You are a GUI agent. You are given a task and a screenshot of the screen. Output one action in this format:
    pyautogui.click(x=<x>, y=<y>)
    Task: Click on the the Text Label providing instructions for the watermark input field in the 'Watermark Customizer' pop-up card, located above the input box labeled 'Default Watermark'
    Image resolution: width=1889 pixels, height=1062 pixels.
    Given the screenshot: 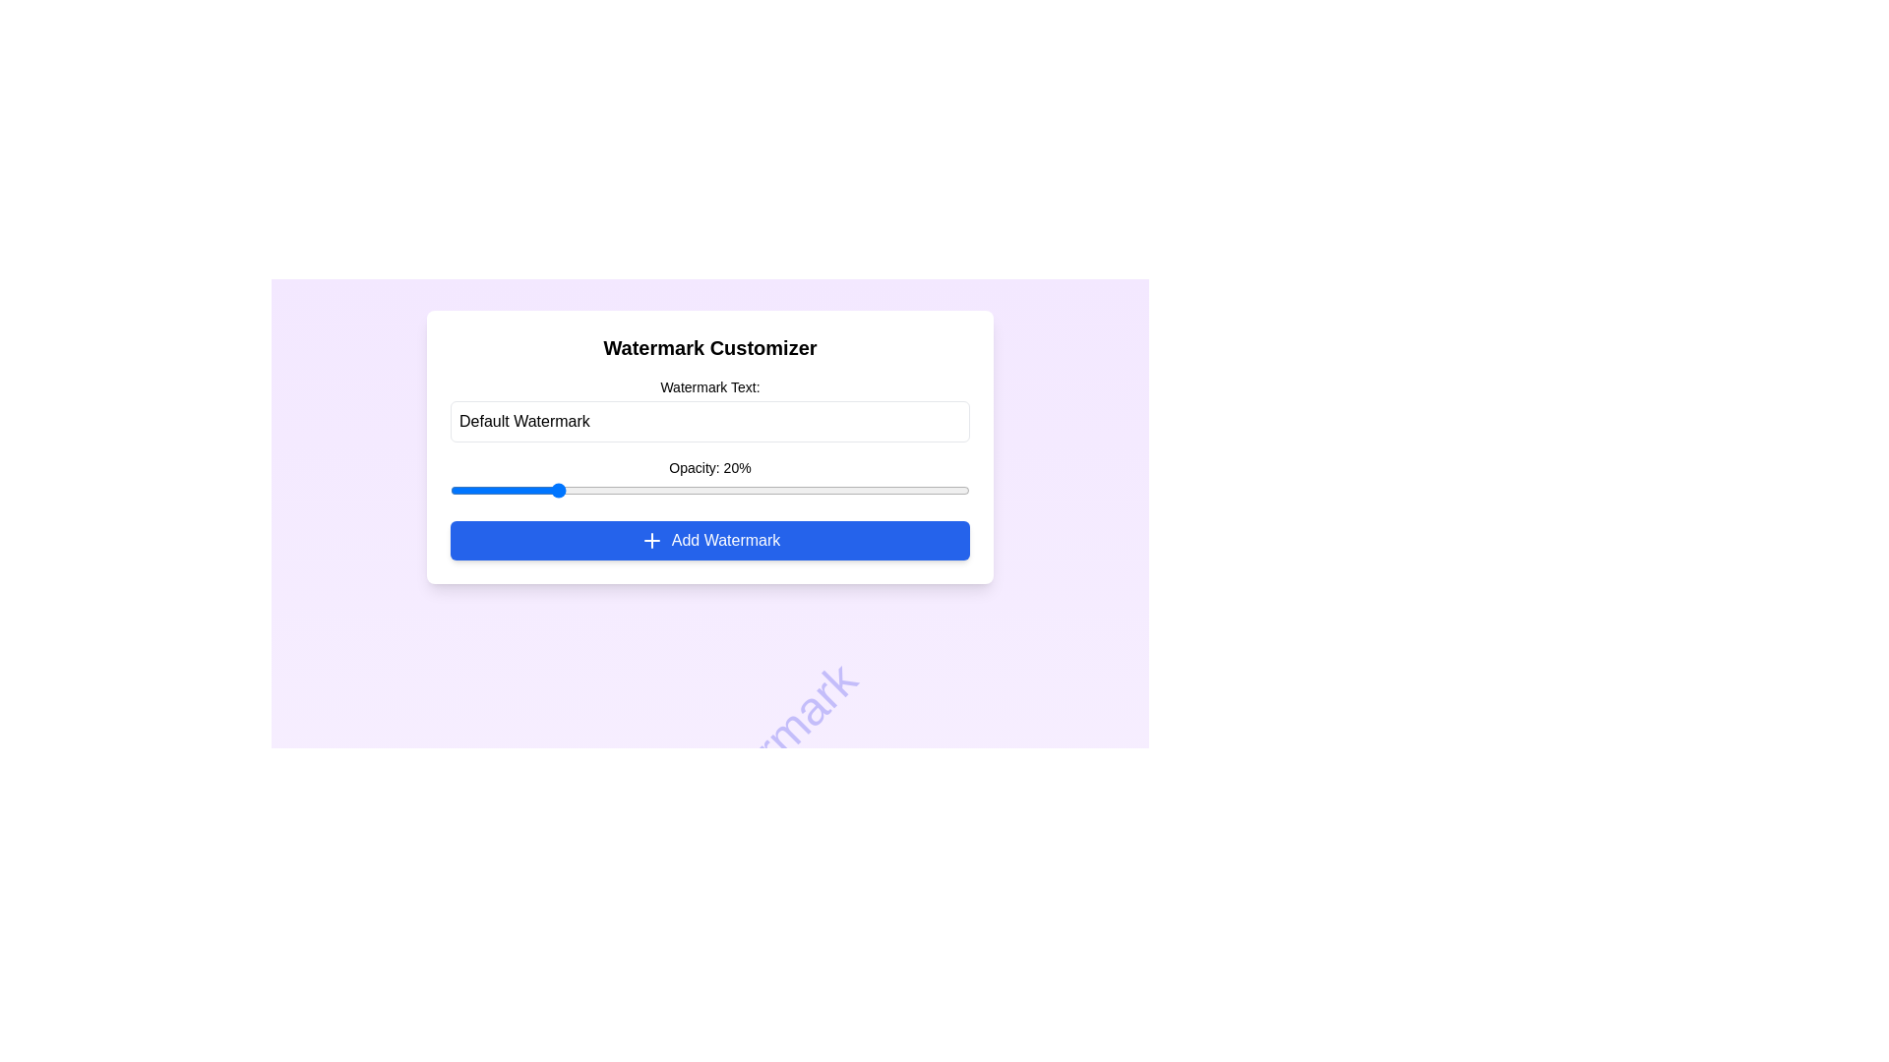 What is the action you would take?
    pyautogui.click(x=708, y=386)
    